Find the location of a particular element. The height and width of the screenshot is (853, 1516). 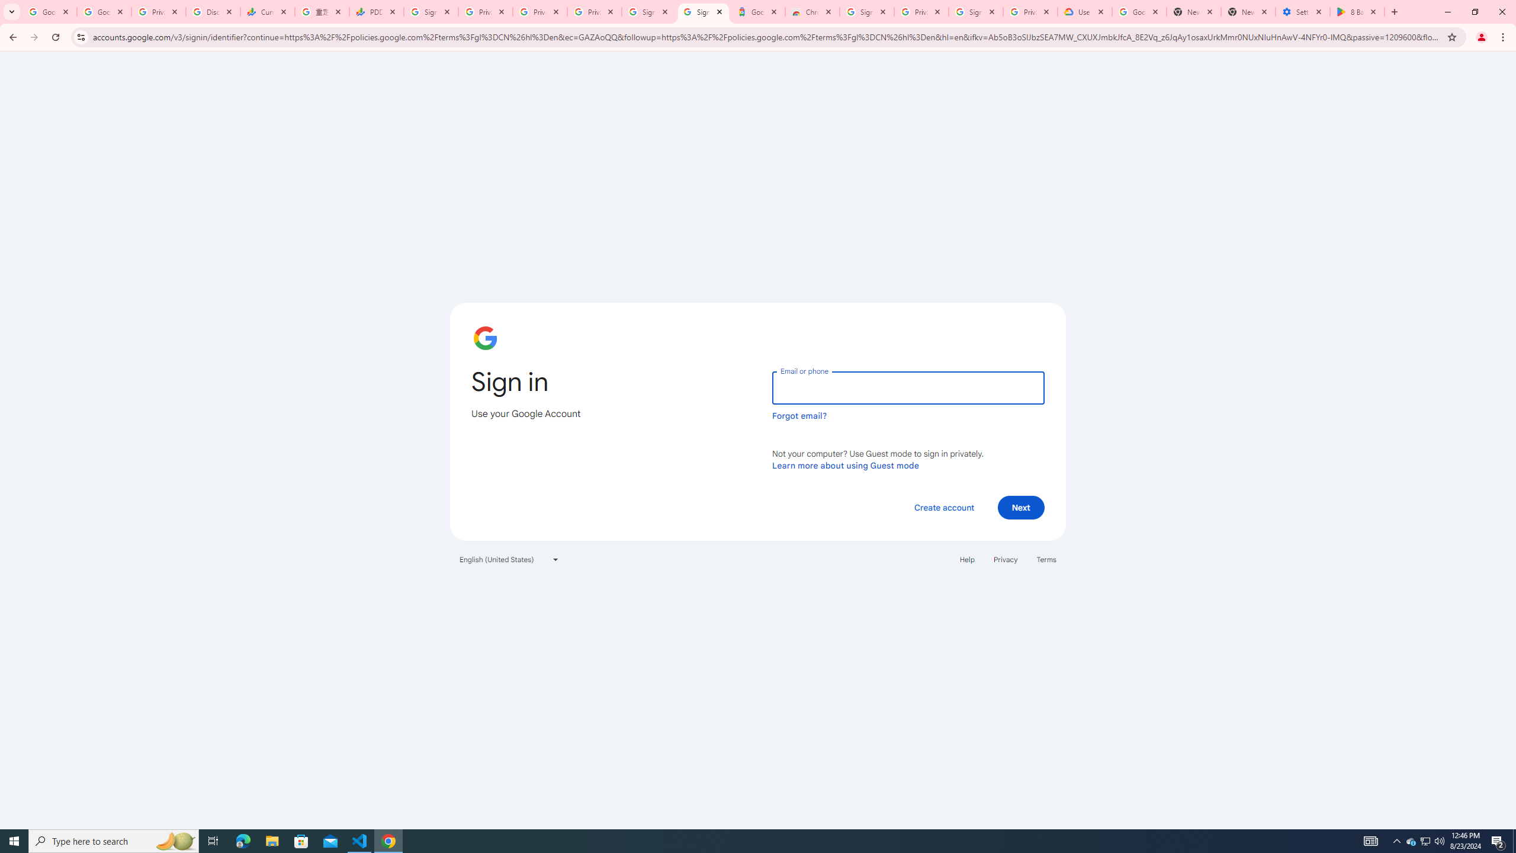

'Chrome Web Store - Color themes by Chrome' is located at coordinates (811, 11).